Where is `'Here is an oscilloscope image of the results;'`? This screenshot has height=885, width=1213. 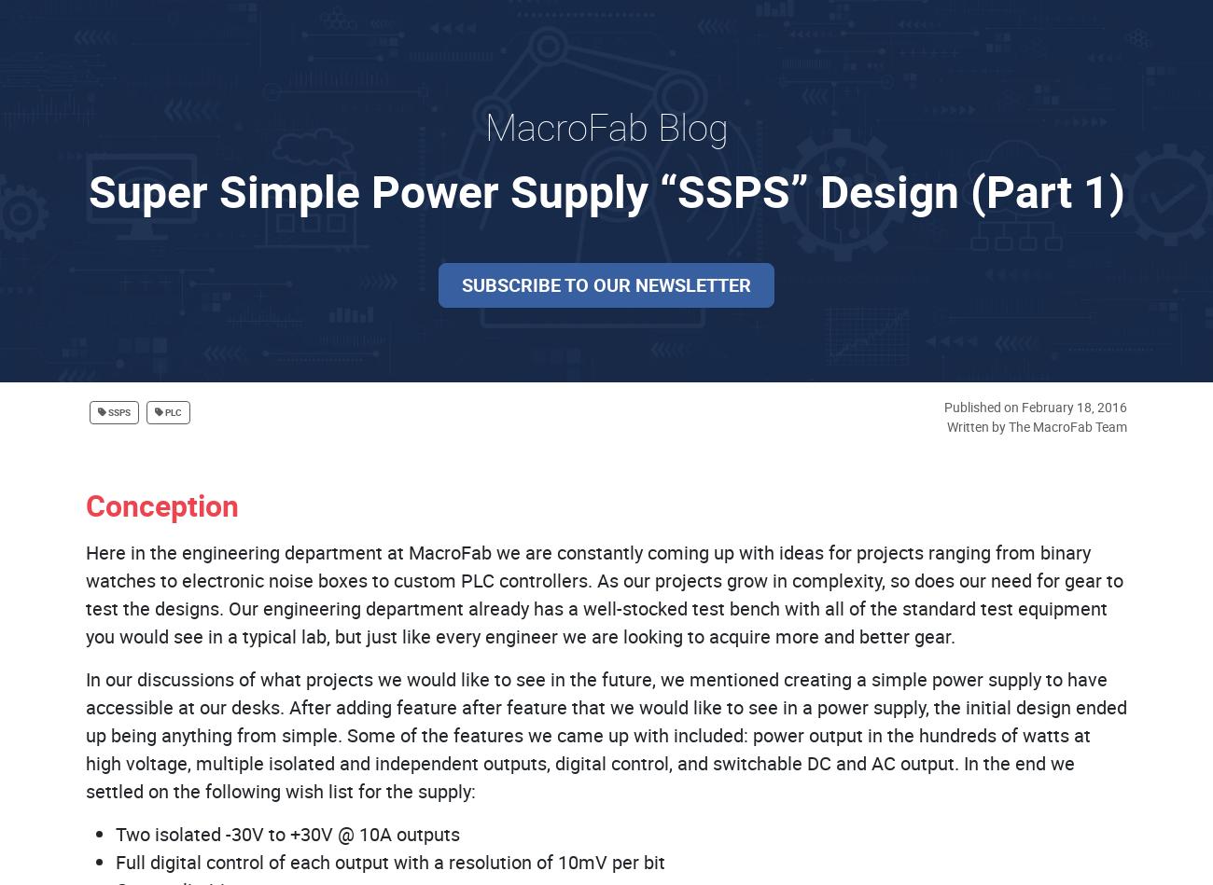
'Here is an oscilloscope image of the results;' is located at coordinates (269, 51).